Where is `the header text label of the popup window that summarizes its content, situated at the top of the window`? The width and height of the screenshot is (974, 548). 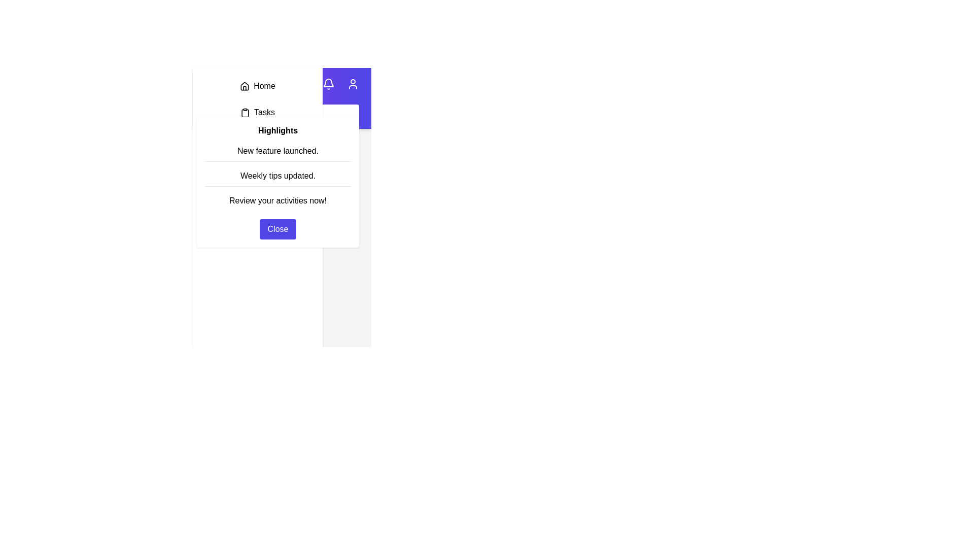 the header text label of the popup window that summarizes its content, situated at the top of the window is located at coordinates (277, 130).